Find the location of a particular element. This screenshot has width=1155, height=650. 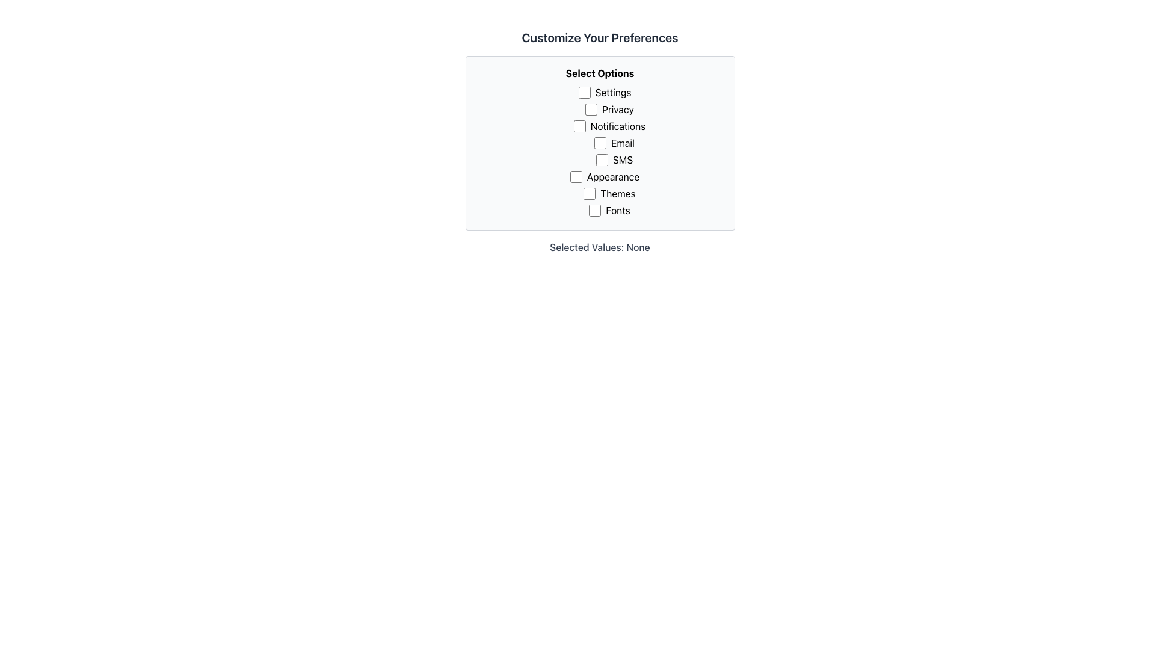

the 'Email' checkbox located is located at coordinates (600, 143).